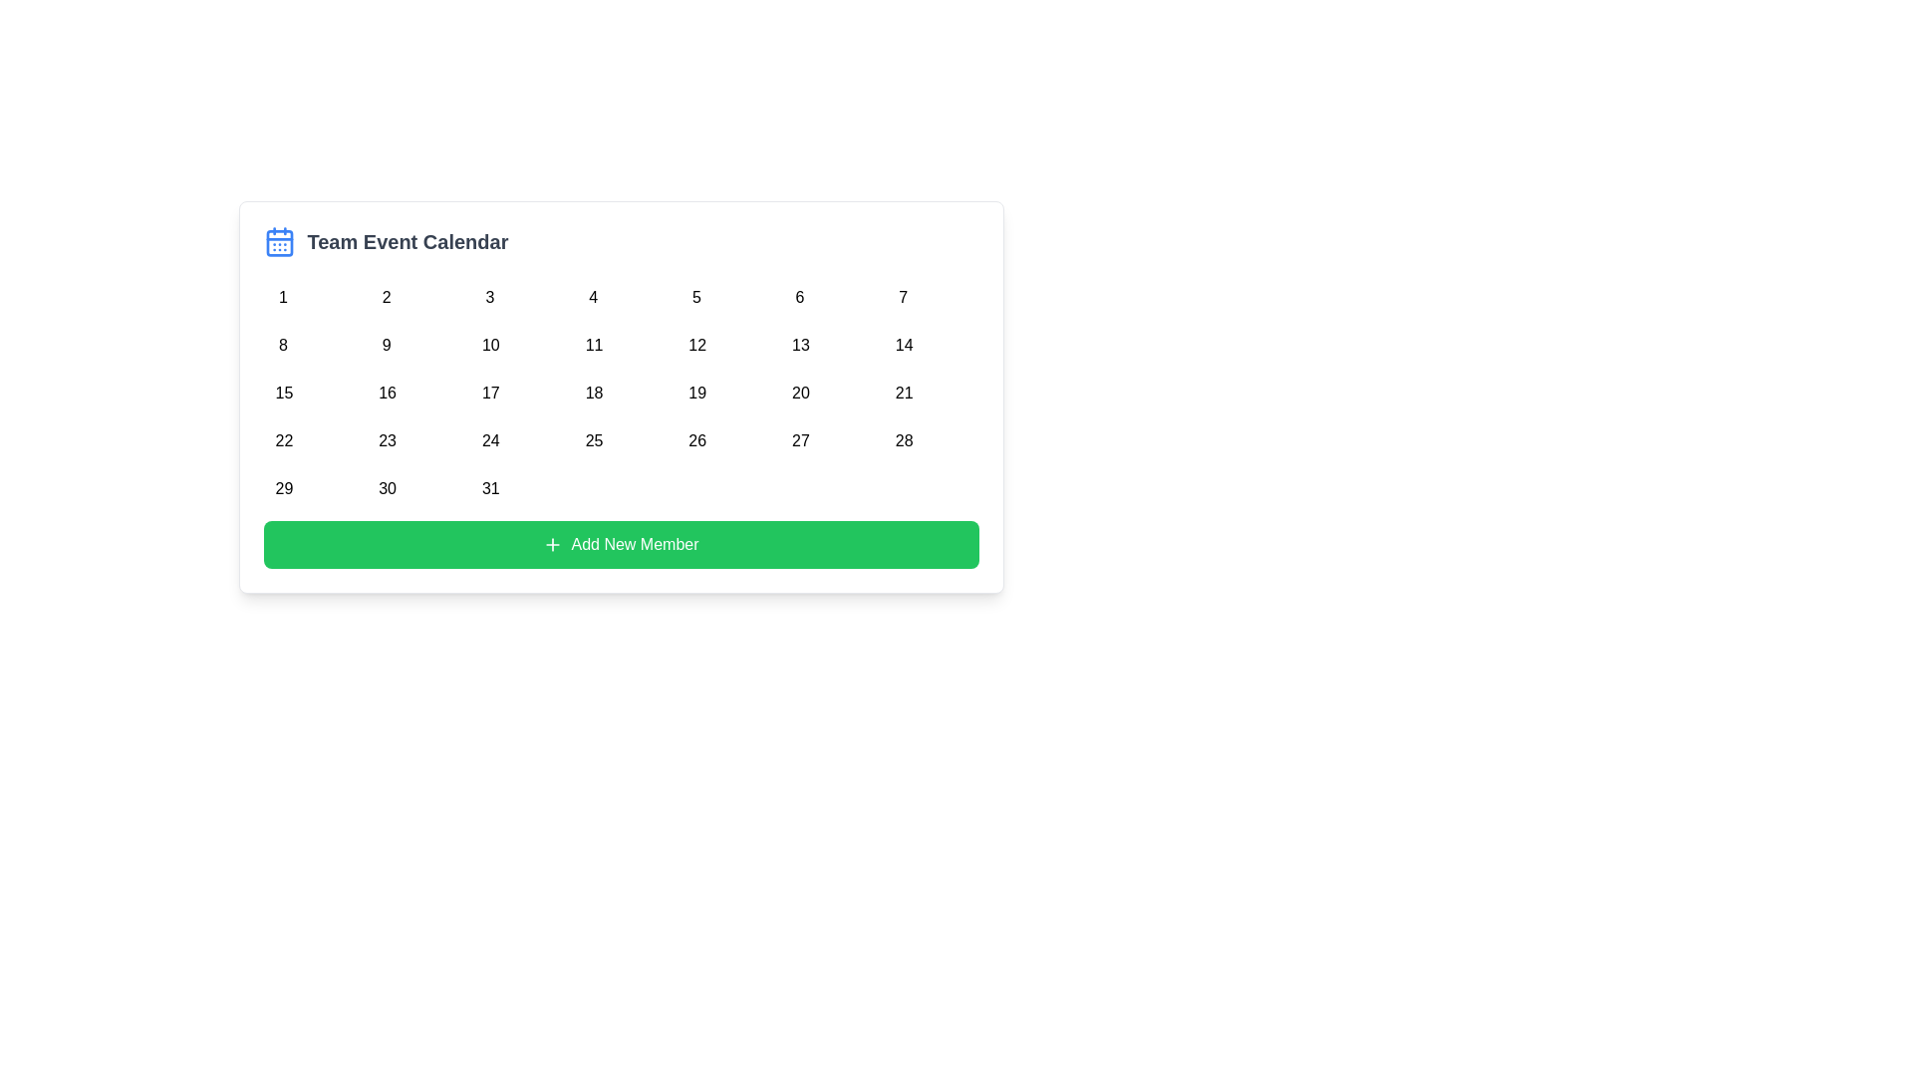  What do you see at coordinates (282, 436) in the screenshot?
I see `the button representing the 22nd day in the calendar` at bounding box center [282, 436].